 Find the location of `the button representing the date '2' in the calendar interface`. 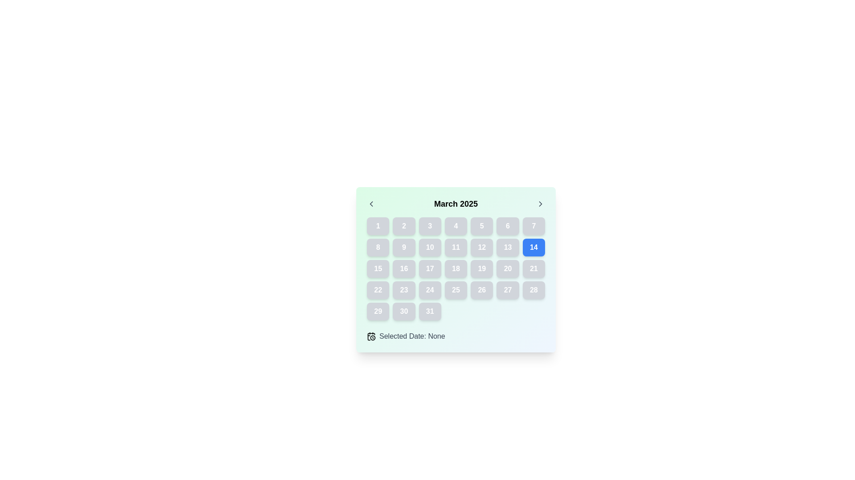

the button representing the date '2' in the calendar interface is located at coordinates (403, 226).